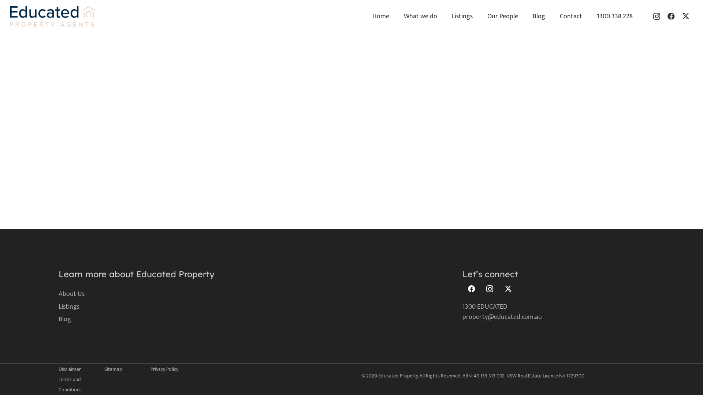 Image resolution: width=703 pixels, height=395 pixels. I want to click on 'Instagram', so click(656, 16).